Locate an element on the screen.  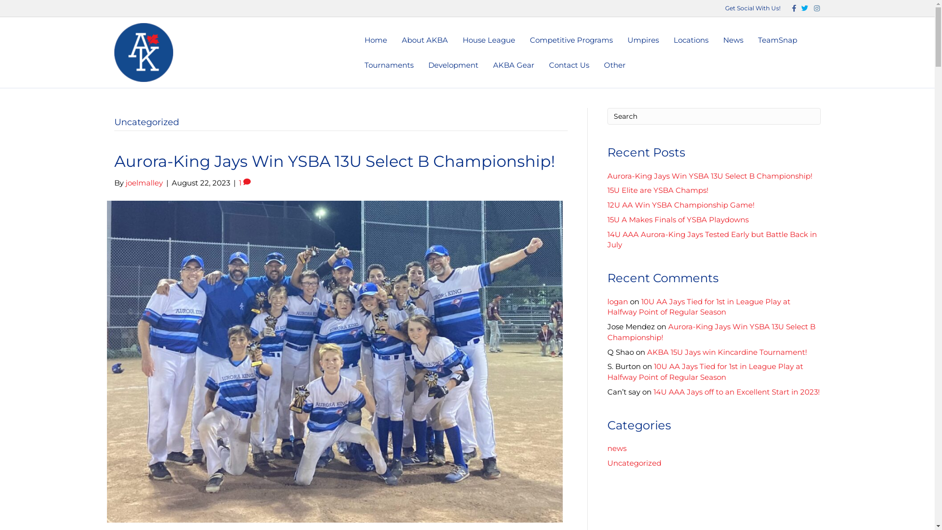
'Instagram' is located at coordinates (813, 7).